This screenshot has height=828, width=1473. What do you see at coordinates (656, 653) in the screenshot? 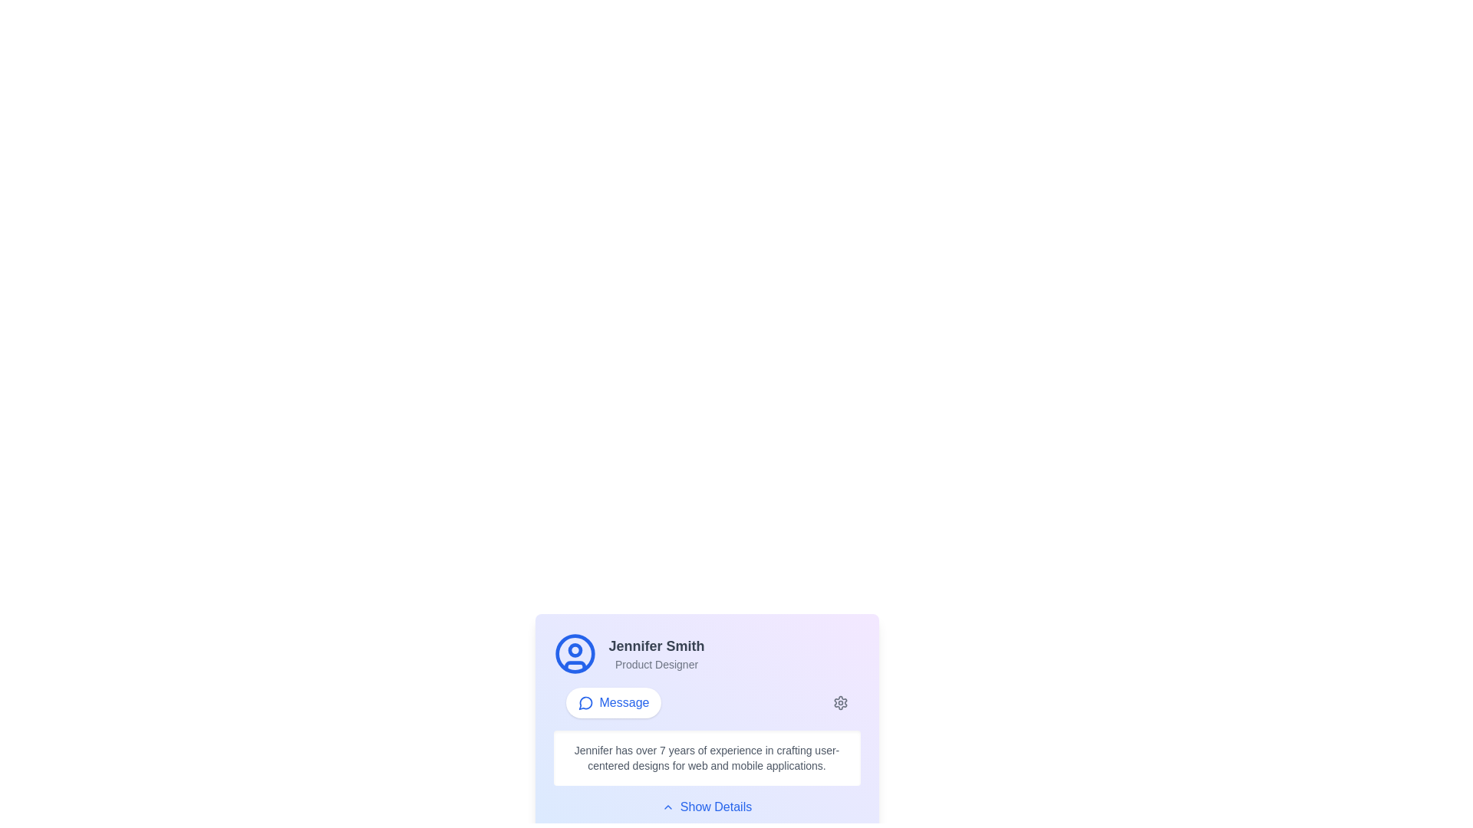
I see `the Text Display containing 'Jennifer Smith' and 'Product Designer', located in the top-right quadrant of the card-like component` at bounding box center [656, 653].